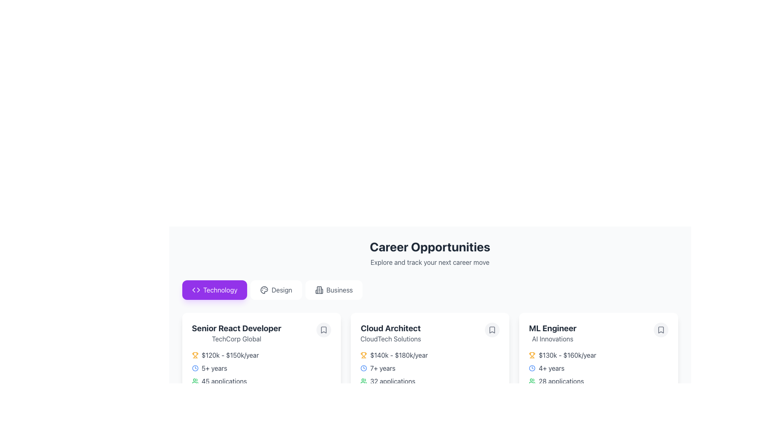 The height and width of the screenshot is (440, 783). I want to click on the third vertical segment of the icon that depicts a structure or building, so click(321, 290).